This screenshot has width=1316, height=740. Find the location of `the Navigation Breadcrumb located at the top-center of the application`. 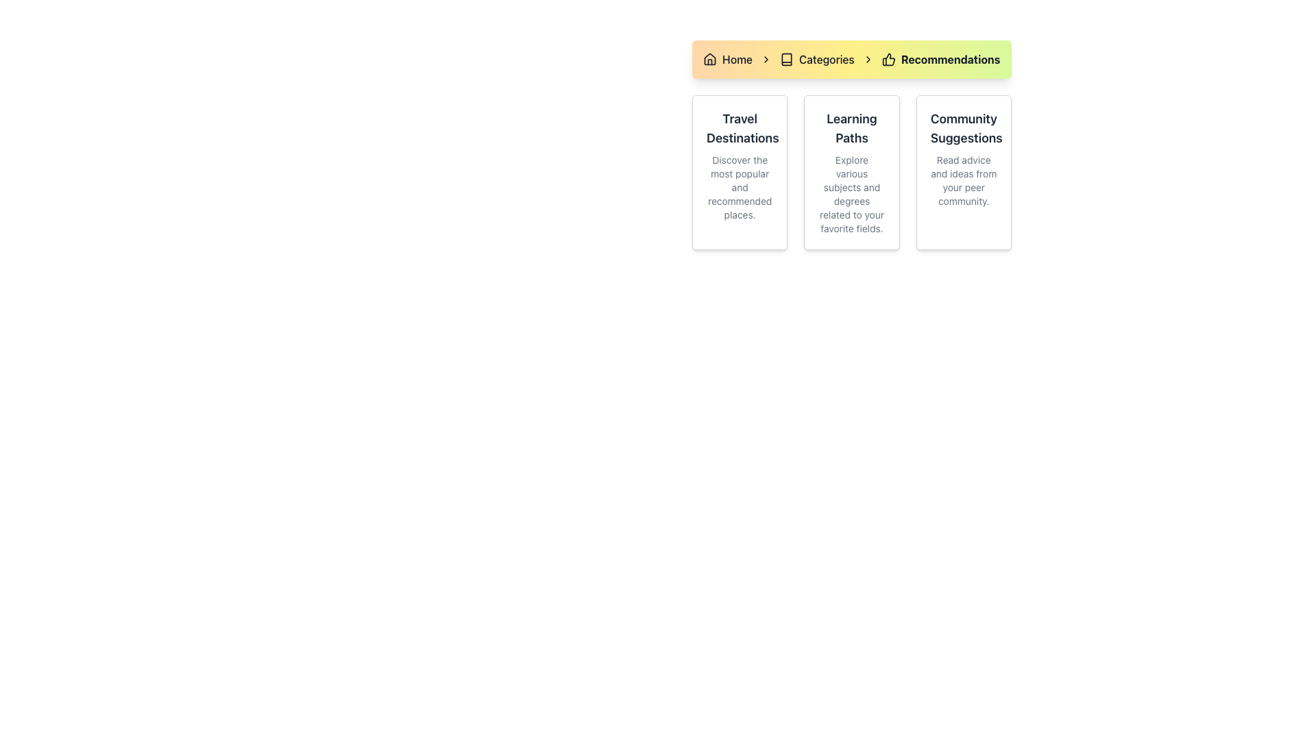

the Navigation Breadcrumb located at the top-center of the application is located at coordinates (851, 59).